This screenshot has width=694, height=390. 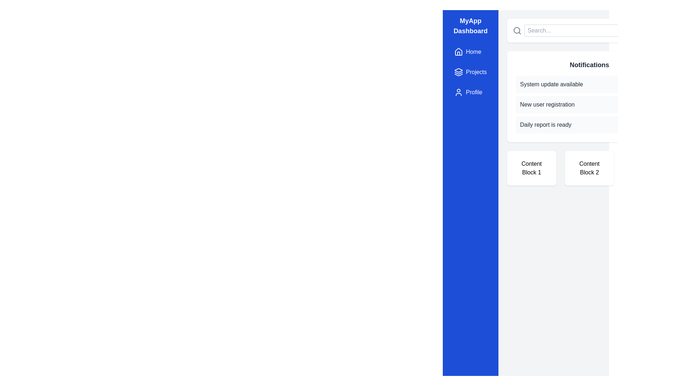 What do you see at coordinates (468, 92) in the screenshot?
I see `the navigation button located in the left sidebar menu, positioned as the third button underneath the 'Home' and 'Projects' buttons` at bounding box center [468, 92].